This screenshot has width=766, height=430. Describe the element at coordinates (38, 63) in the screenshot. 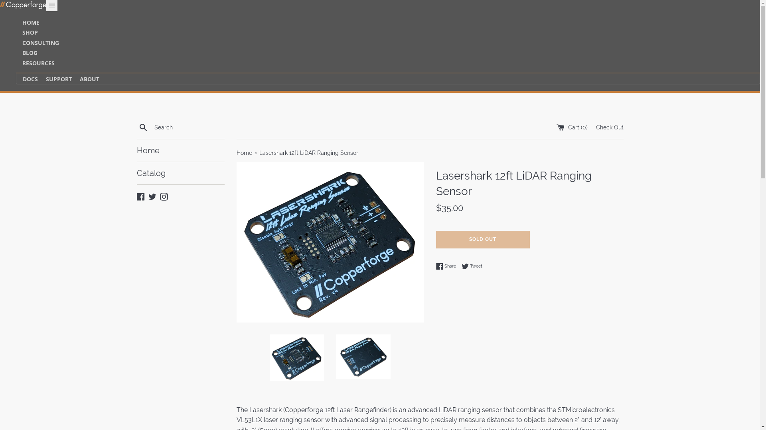

I see `'RESOURCES'` at that location.